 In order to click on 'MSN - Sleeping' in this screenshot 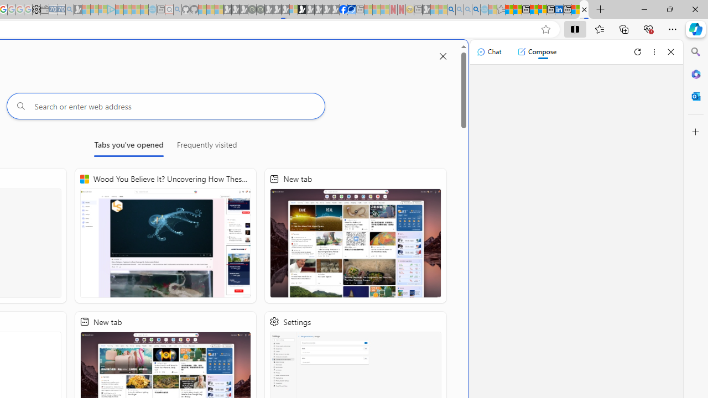, I will do `click(426, 9)`.